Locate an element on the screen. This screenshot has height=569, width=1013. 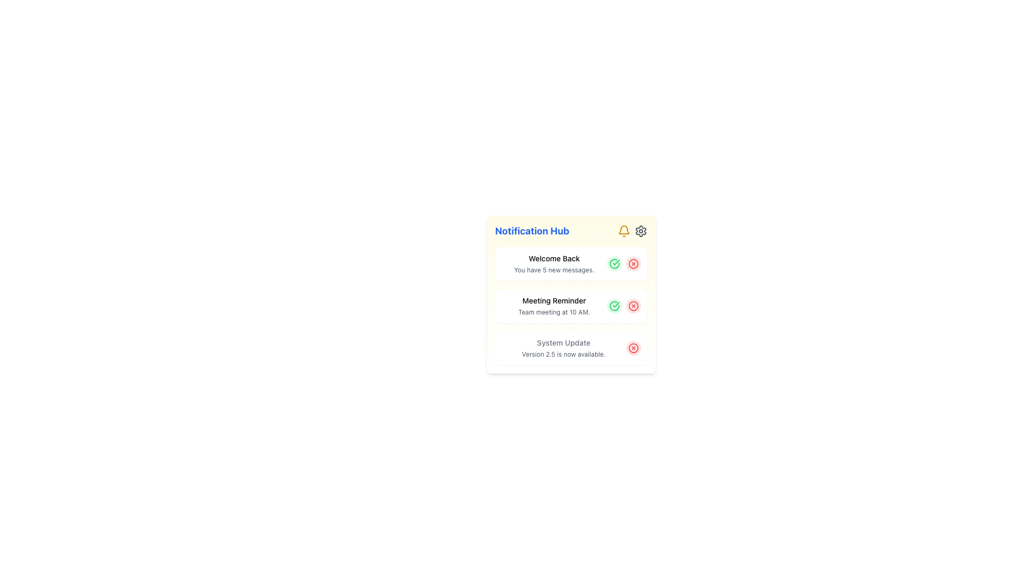
the cogwheel-shaped icon located in the top right corner of the 'Notification Hub' card is located at coordinates (640, 231).